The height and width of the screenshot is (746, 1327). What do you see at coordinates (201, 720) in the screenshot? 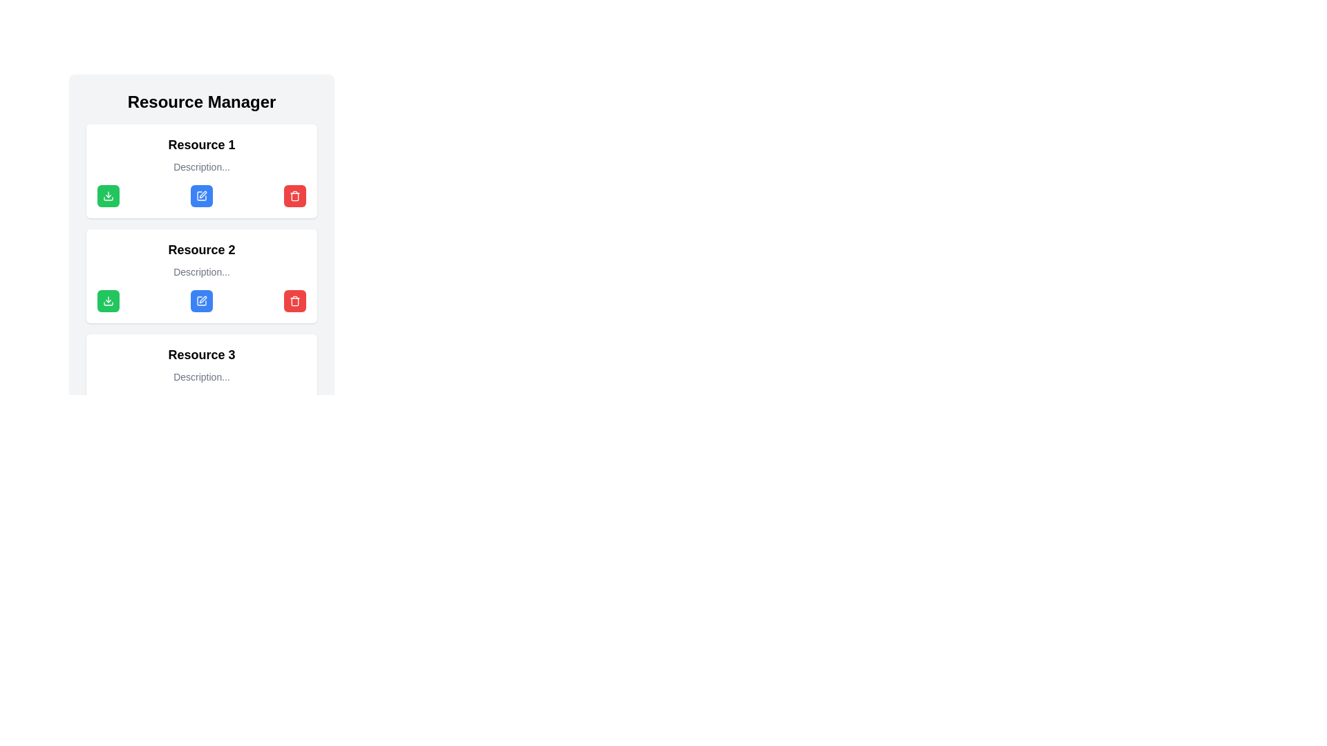
I see `the edit icon located within the blue button in the second resource entry of the vertical resource manager list` at bounding box center [201, 720].